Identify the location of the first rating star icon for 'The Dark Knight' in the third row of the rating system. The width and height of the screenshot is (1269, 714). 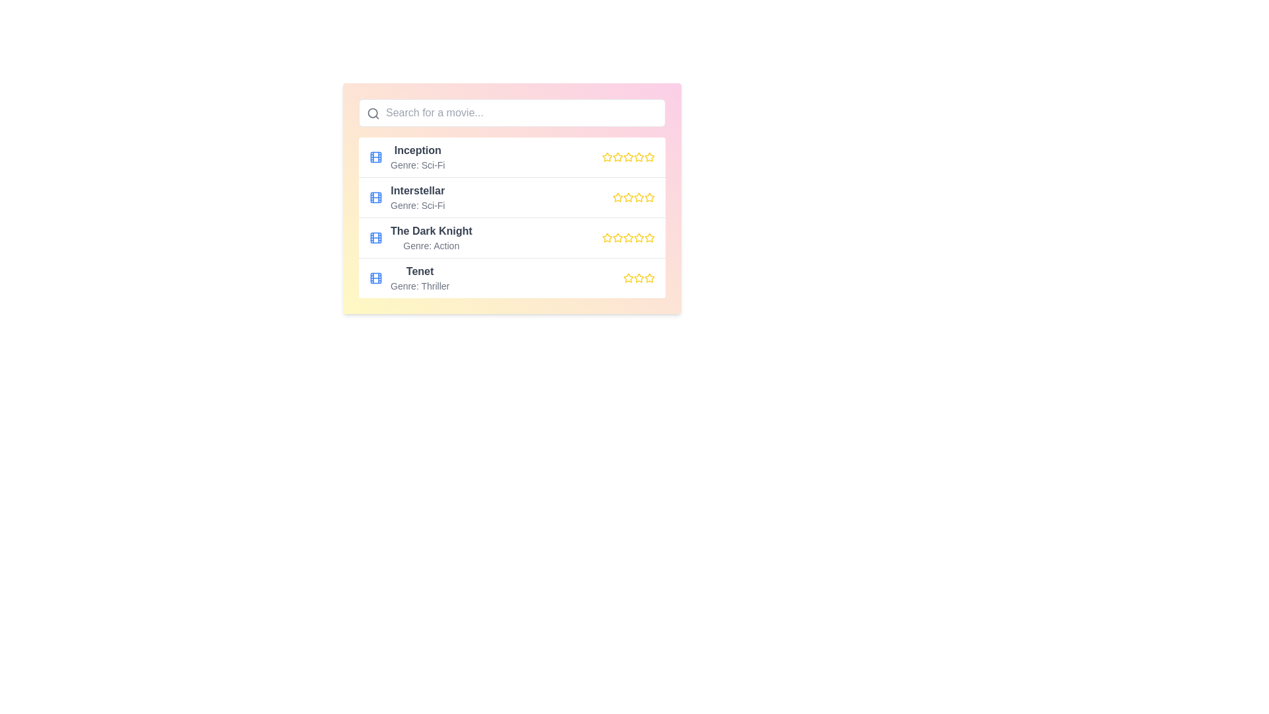
(606, 237).